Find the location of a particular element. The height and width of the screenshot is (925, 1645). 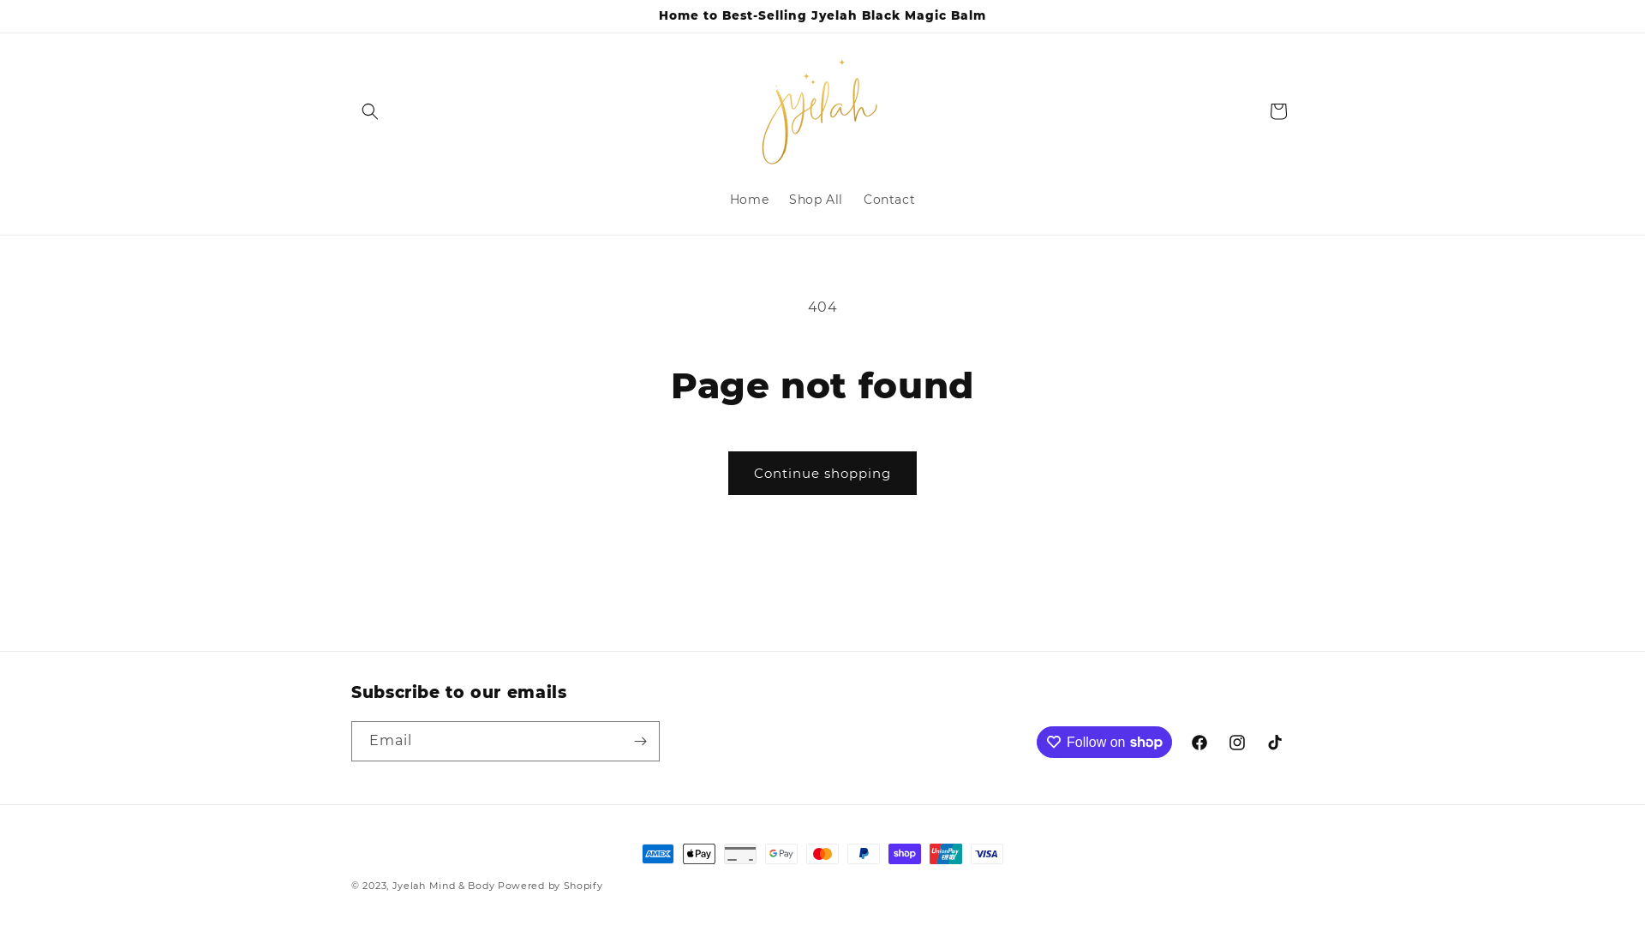

'Instagram' is located at coordinates (1237, 742).